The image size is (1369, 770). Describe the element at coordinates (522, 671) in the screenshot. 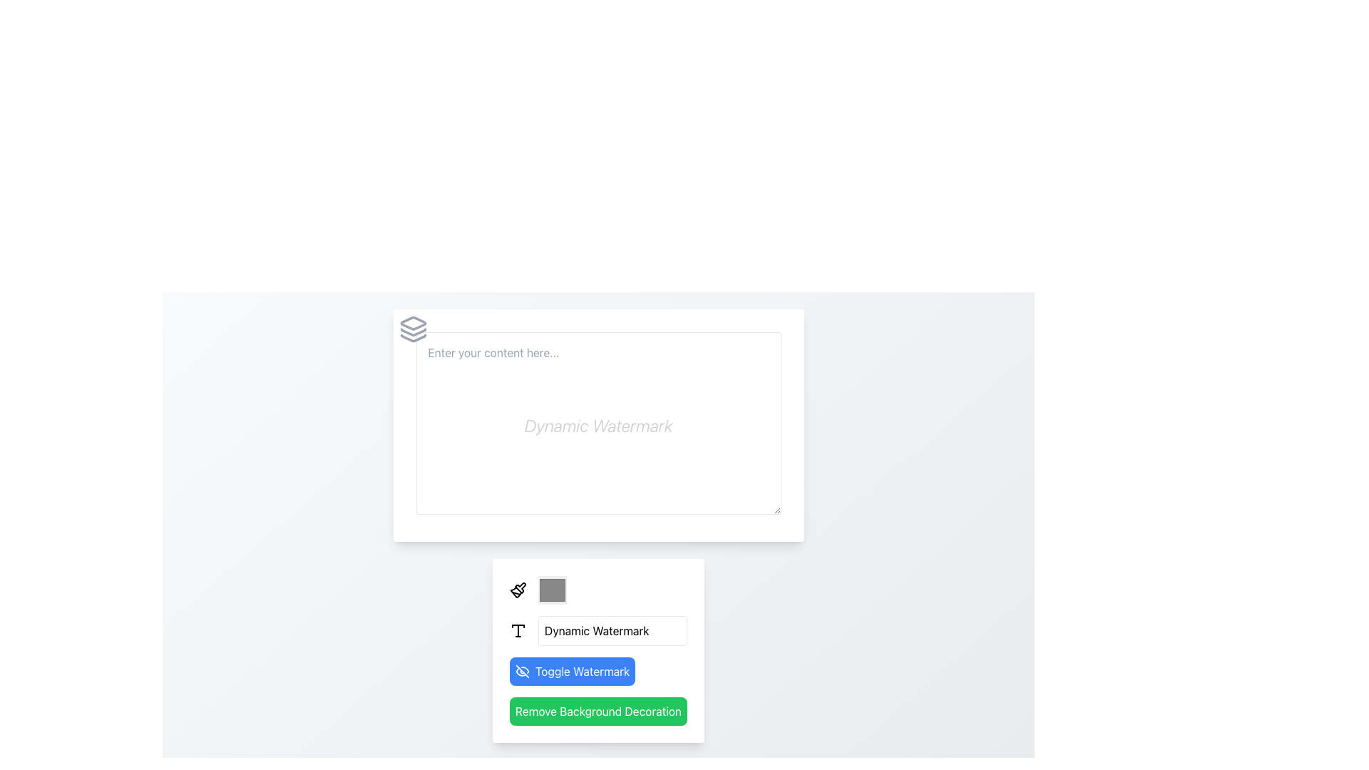

I see `the 'Toggle Watermark' button, specifically the crossed-out eye icon to check for visual indication of the current state` at that location.